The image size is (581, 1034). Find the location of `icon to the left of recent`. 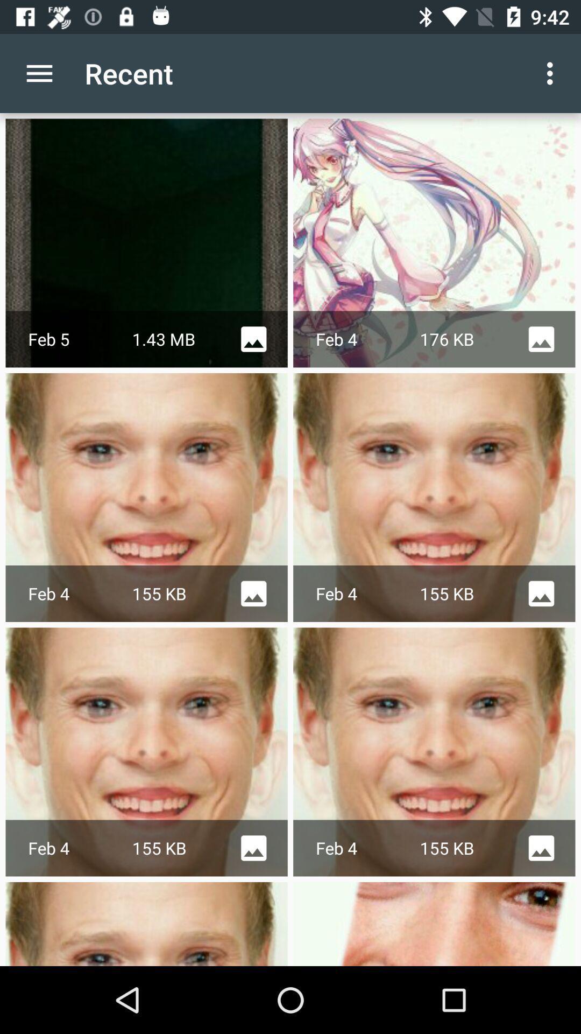

icon to the left of recent is located at coordinates (39, 73).